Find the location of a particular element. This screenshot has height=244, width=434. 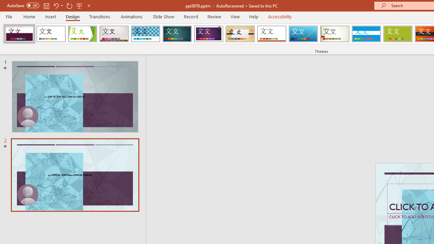

'Ion' is located at coordinates (177, 34).